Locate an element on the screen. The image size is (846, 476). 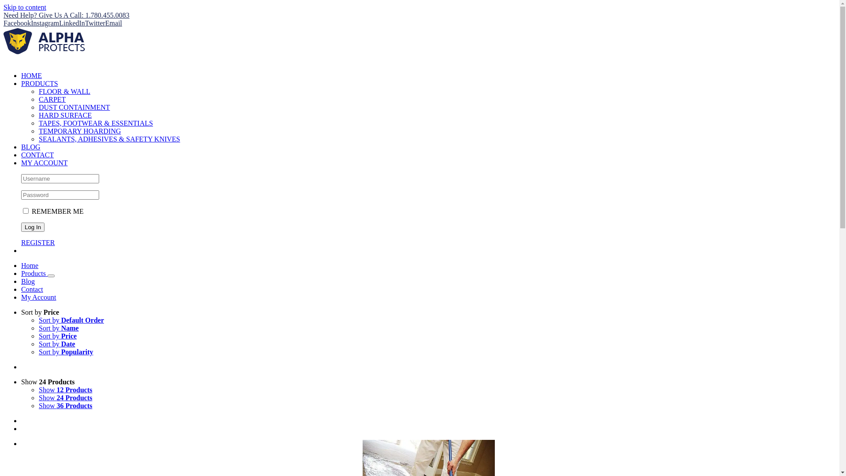
'Show 36 Products' is located at coordinates (65, 405).